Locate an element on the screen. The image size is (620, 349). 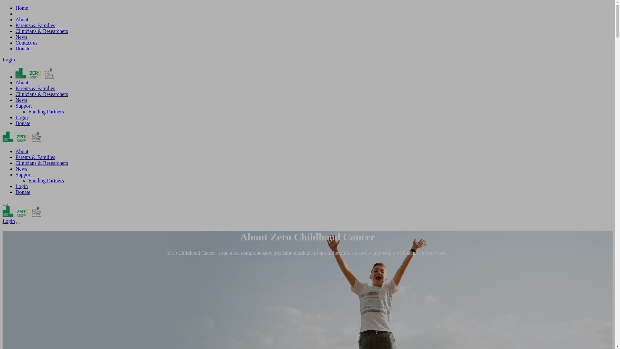
'Home' is located at coordinates (22, 8).